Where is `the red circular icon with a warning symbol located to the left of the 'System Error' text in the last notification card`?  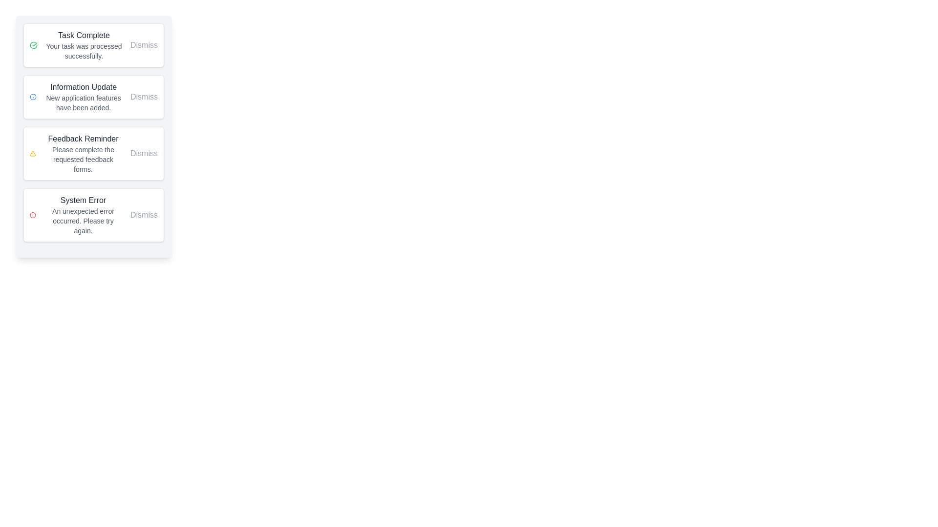 the red circular icon with a warning symbol located to the left of the 'System Error' text in the last notification card is located at coordinates (33, 214).